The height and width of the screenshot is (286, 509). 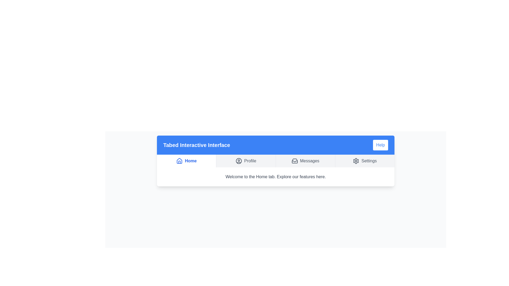 I want to click on the 'Messages' button in the navigation menu, so click(x=305, y=161).